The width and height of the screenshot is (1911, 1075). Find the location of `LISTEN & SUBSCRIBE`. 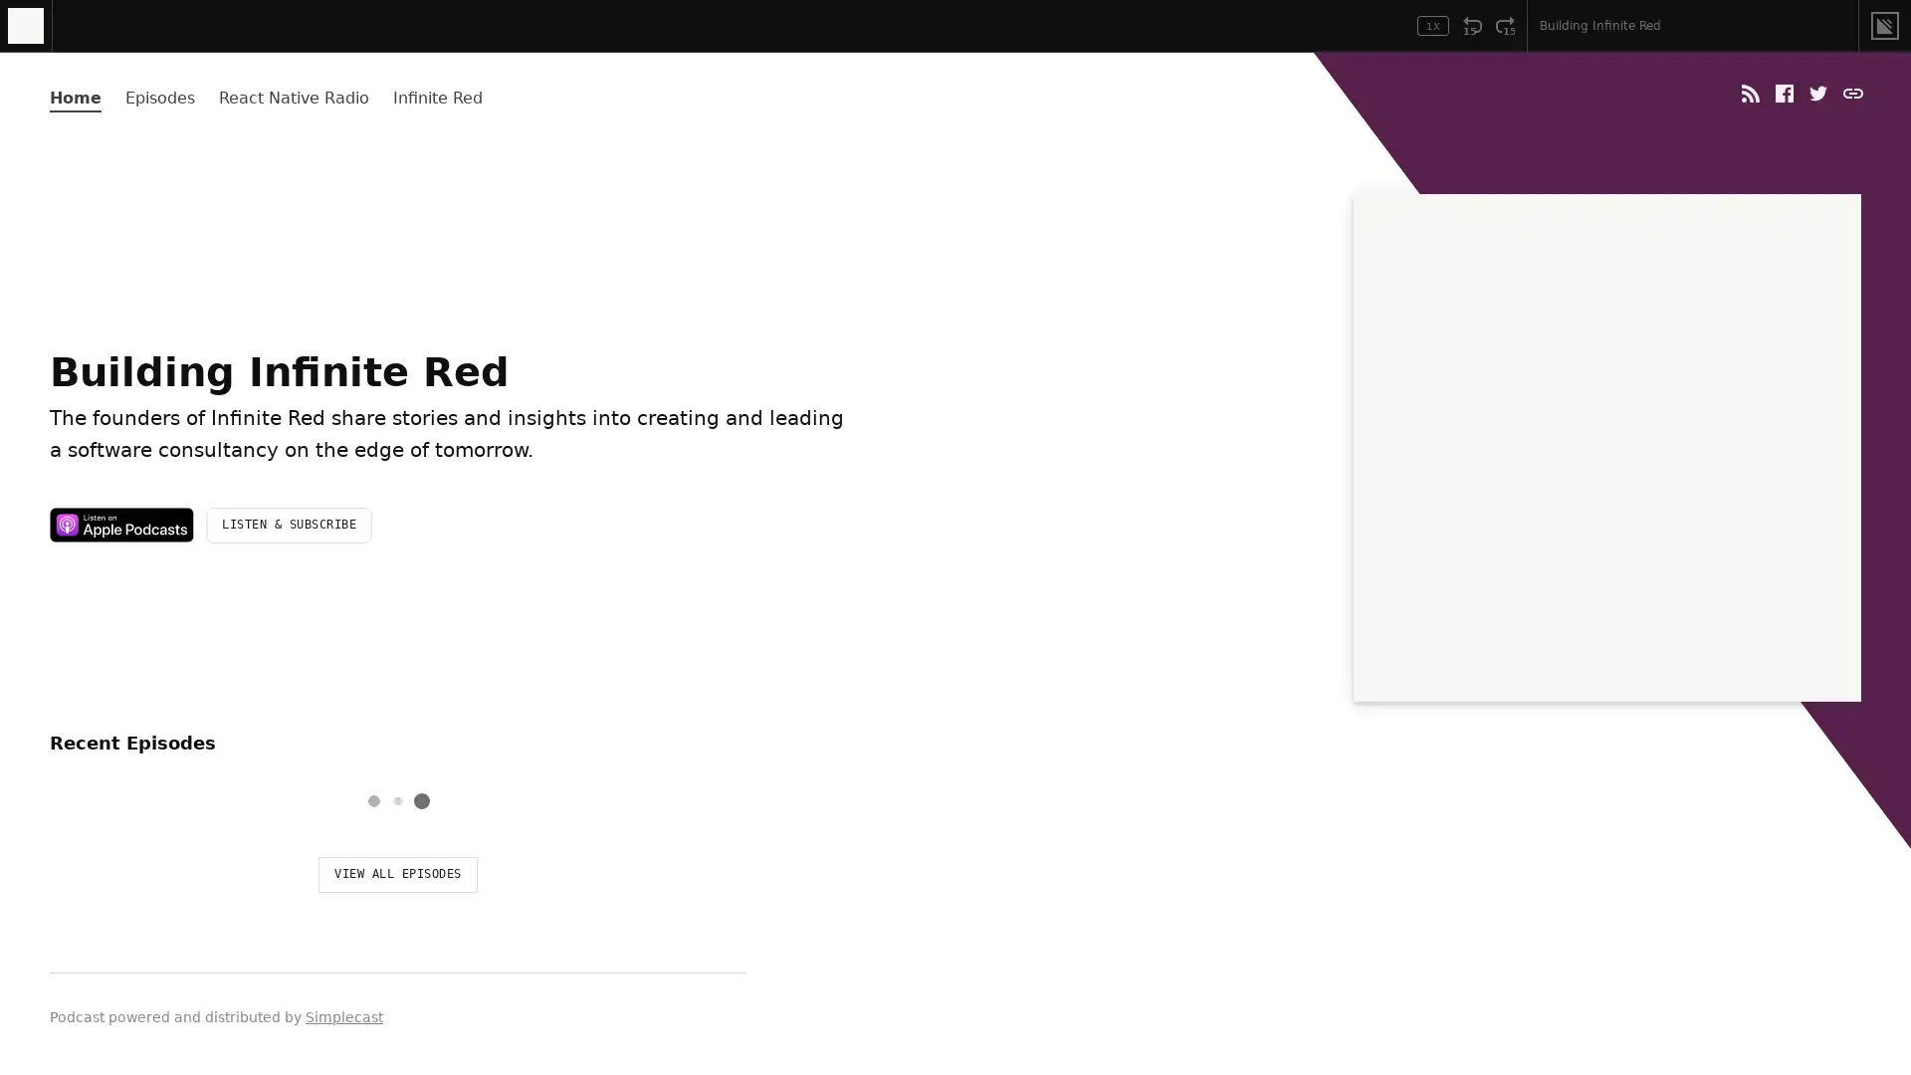

LISTEN & SUBSCRIBE is located at coordinates (288, 525).